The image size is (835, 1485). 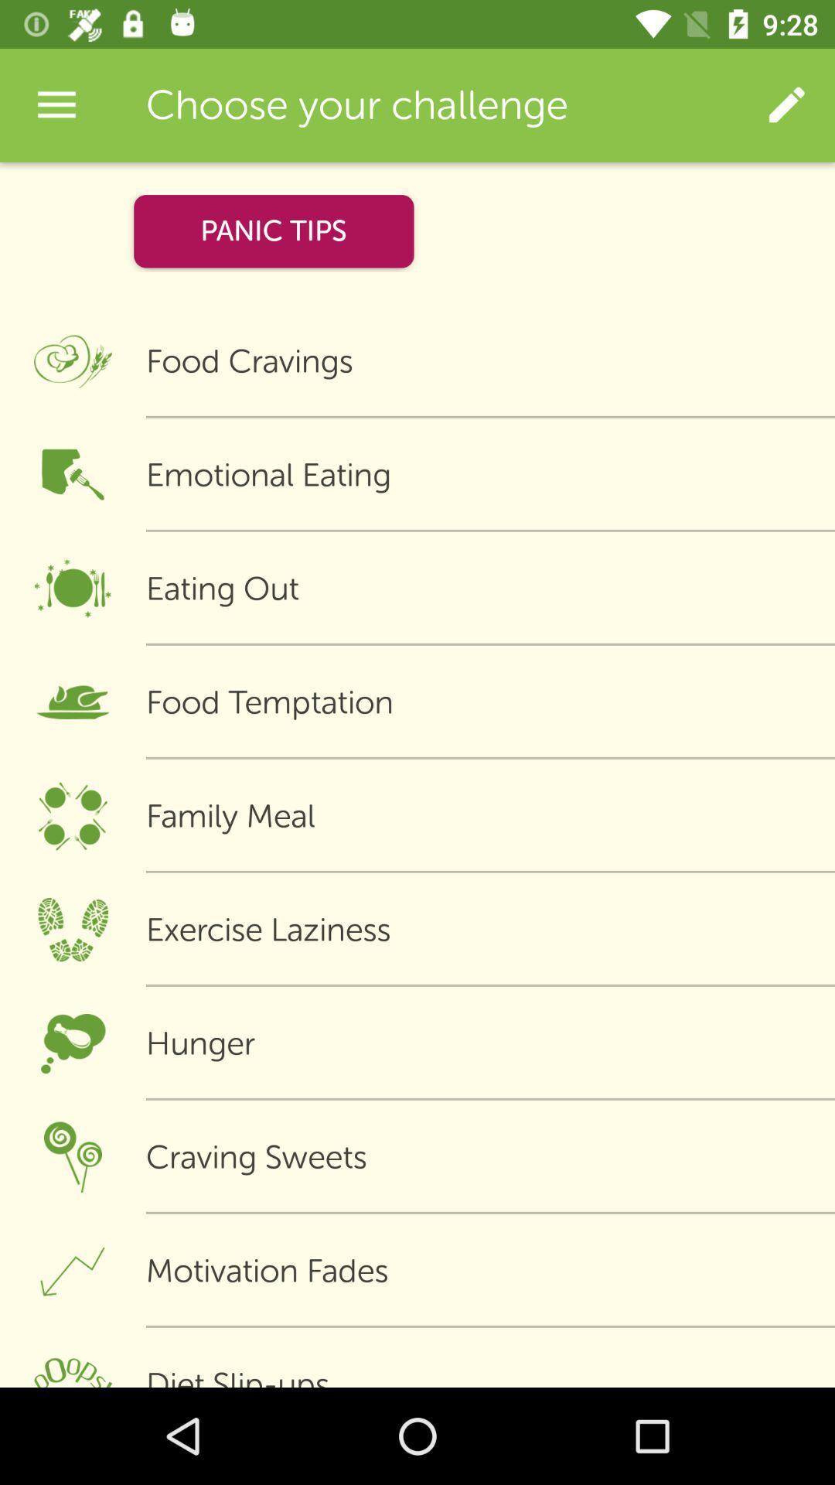 I want to click on icon above food cravings, so click(x=273, y=230).